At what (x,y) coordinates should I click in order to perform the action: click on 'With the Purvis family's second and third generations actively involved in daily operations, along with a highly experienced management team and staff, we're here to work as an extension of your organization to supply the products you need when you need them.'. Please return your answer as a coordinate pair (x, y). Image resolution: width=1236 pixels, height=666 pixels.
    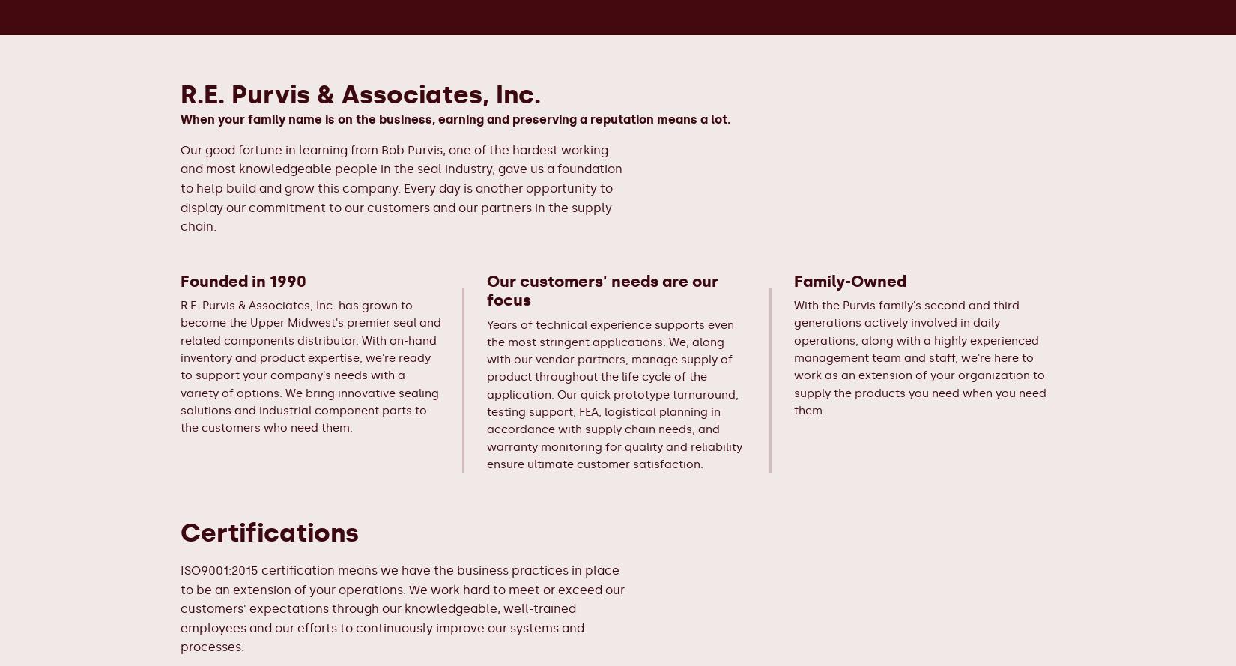
    Looking at the image, I should click on (919, 357).